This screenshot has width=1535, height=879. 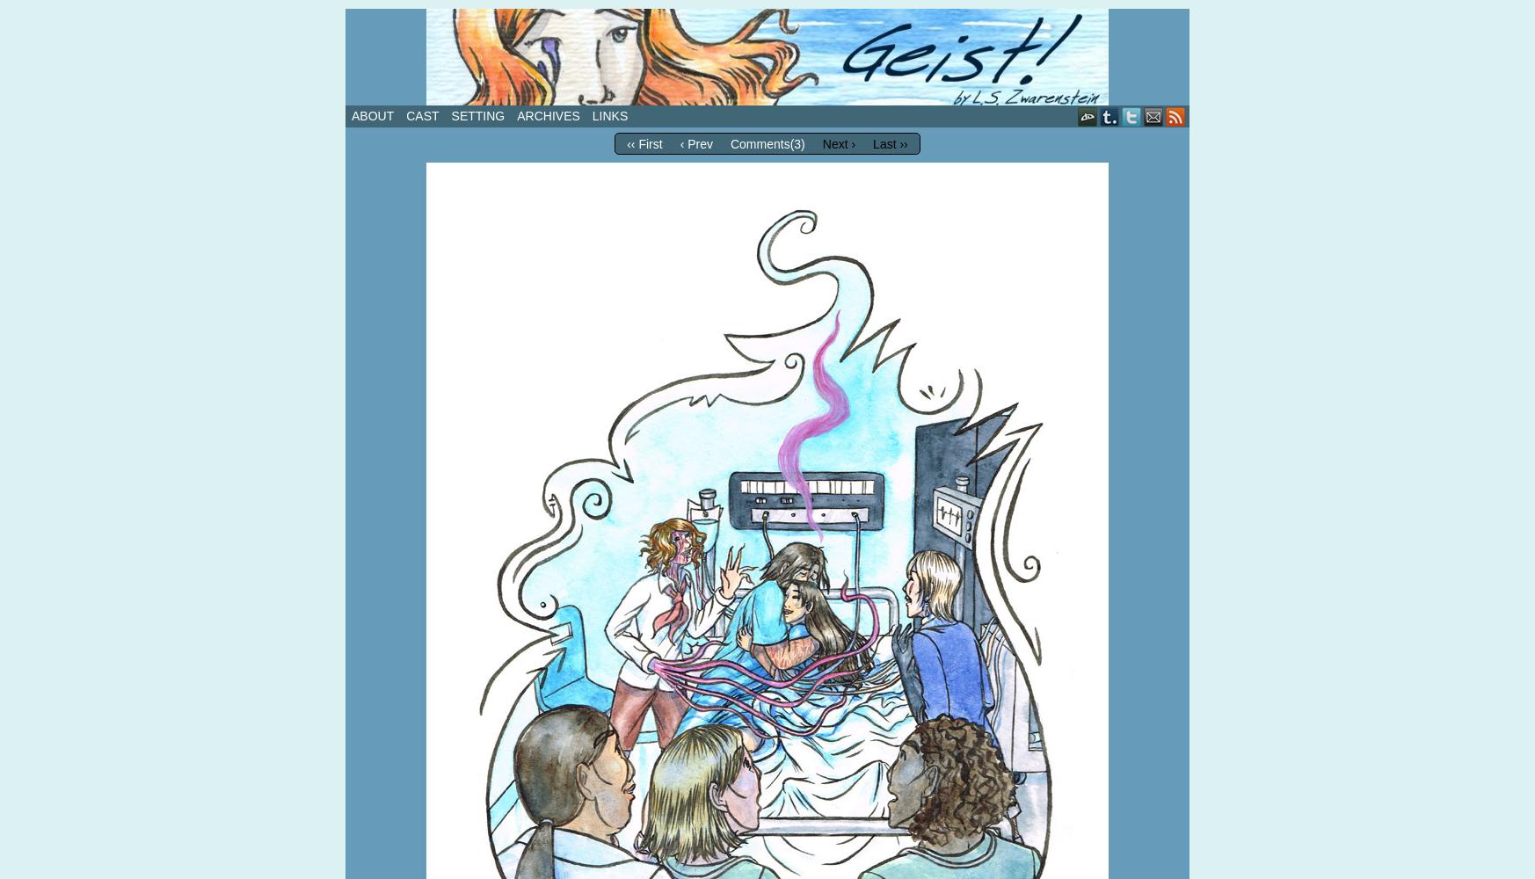 What do you see at coordinates (642, 113) in the screenshot?
I see `'A weekly webcomic about love, revenge, and invisible monsters.'` at bounding box center [642, 113].